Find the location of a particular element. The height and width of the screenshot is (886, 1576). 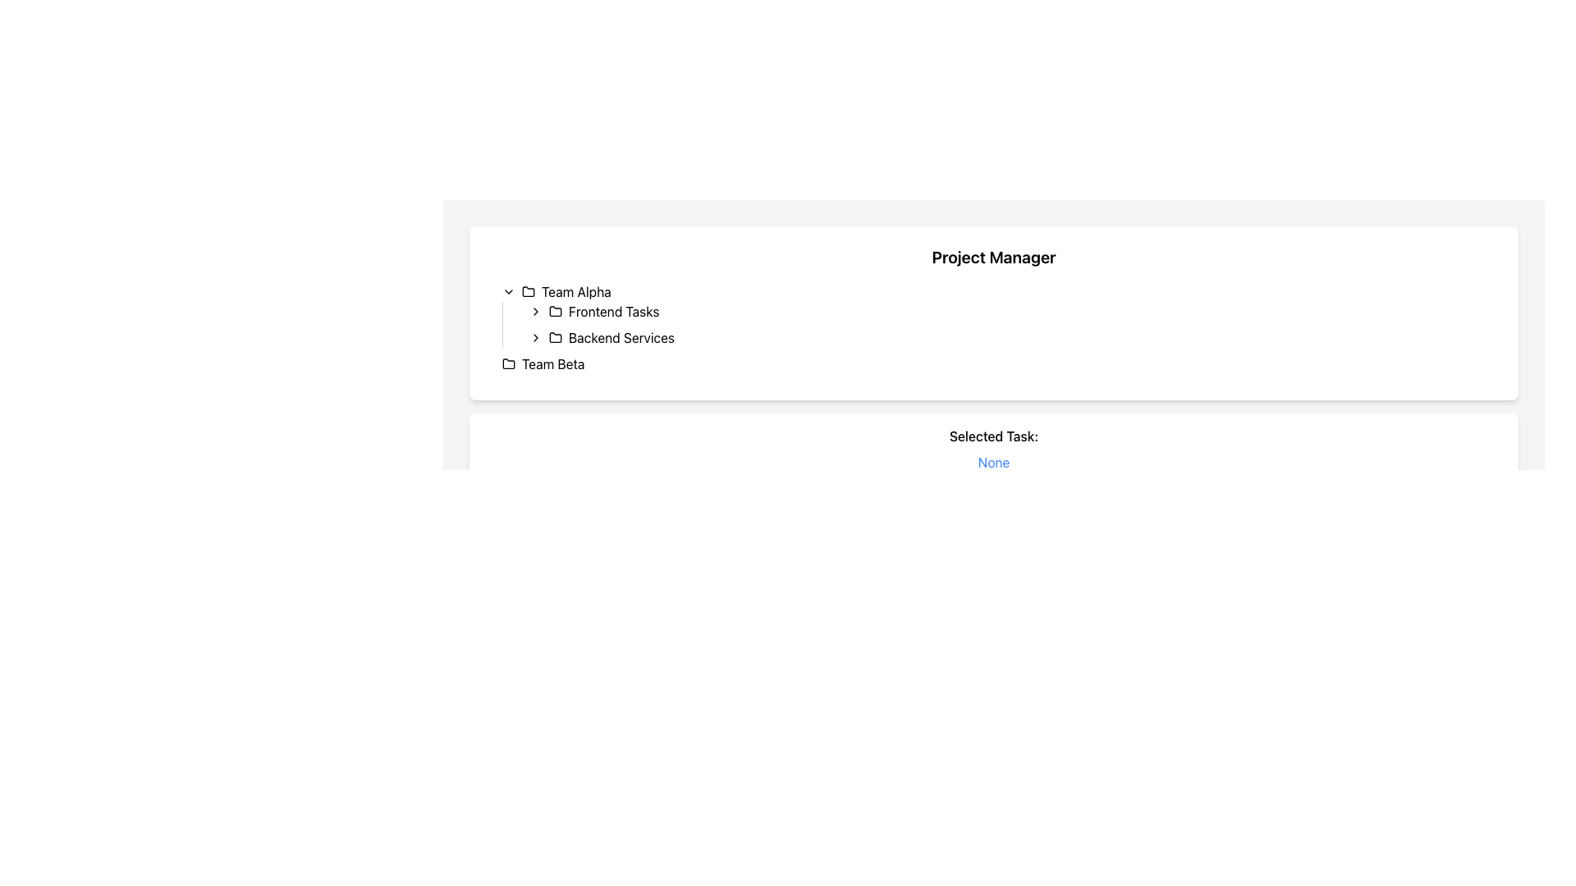

the folder icon representing 'Backend Services' under 'Team Alpha' is located at coordinates (555, 336).